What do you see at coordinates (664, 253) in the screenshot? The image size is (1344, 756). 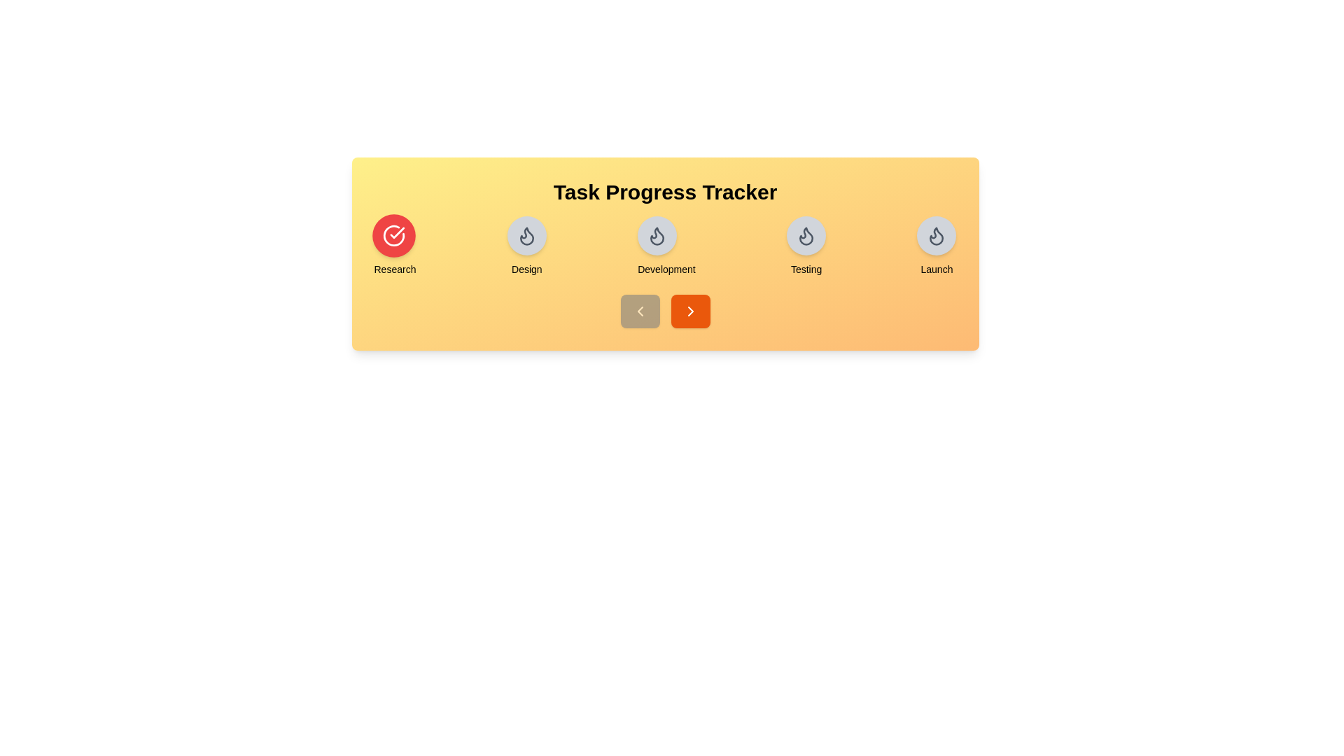 I see `the stage information by clicking on the icon labeled with project stages, which is located below the 'Task Progress Tracker' header` at bounding box center [664, 253].